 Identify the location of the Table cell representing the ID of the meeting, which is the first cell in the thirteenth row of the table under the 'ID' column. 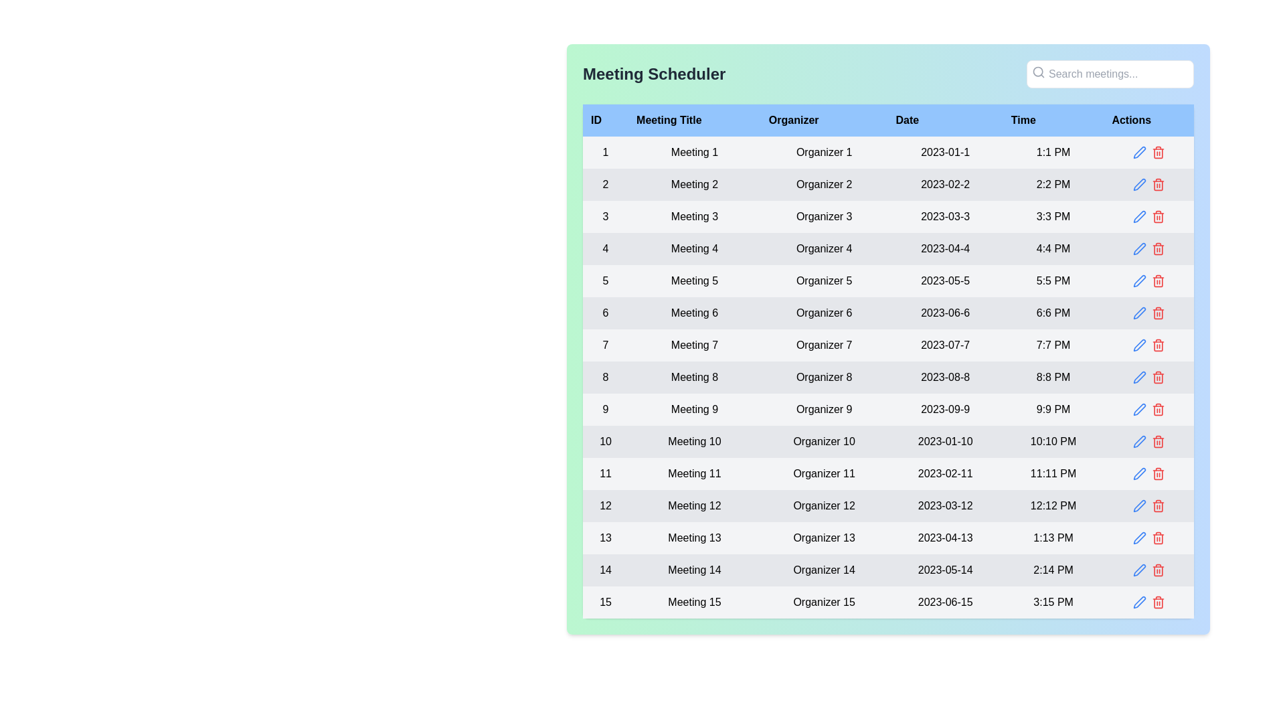
(605, 537).